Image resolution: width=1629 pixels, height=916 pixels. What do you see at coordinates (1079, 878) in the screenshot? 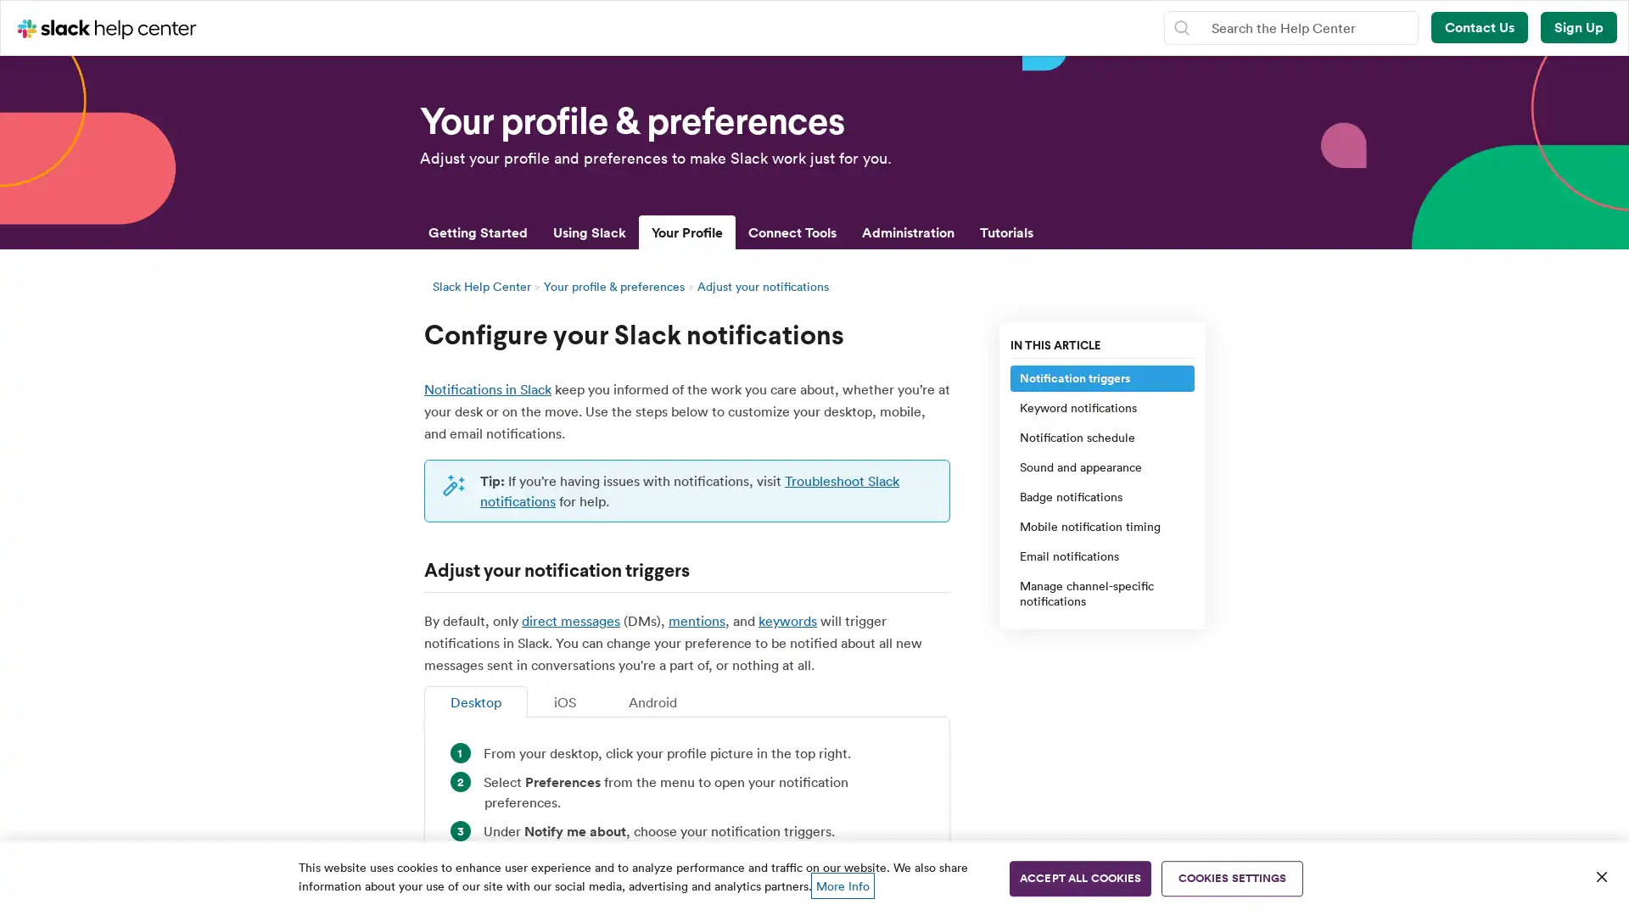
I see `ACCEPT ALL COOKIES` at bounding box center [1079, 878].